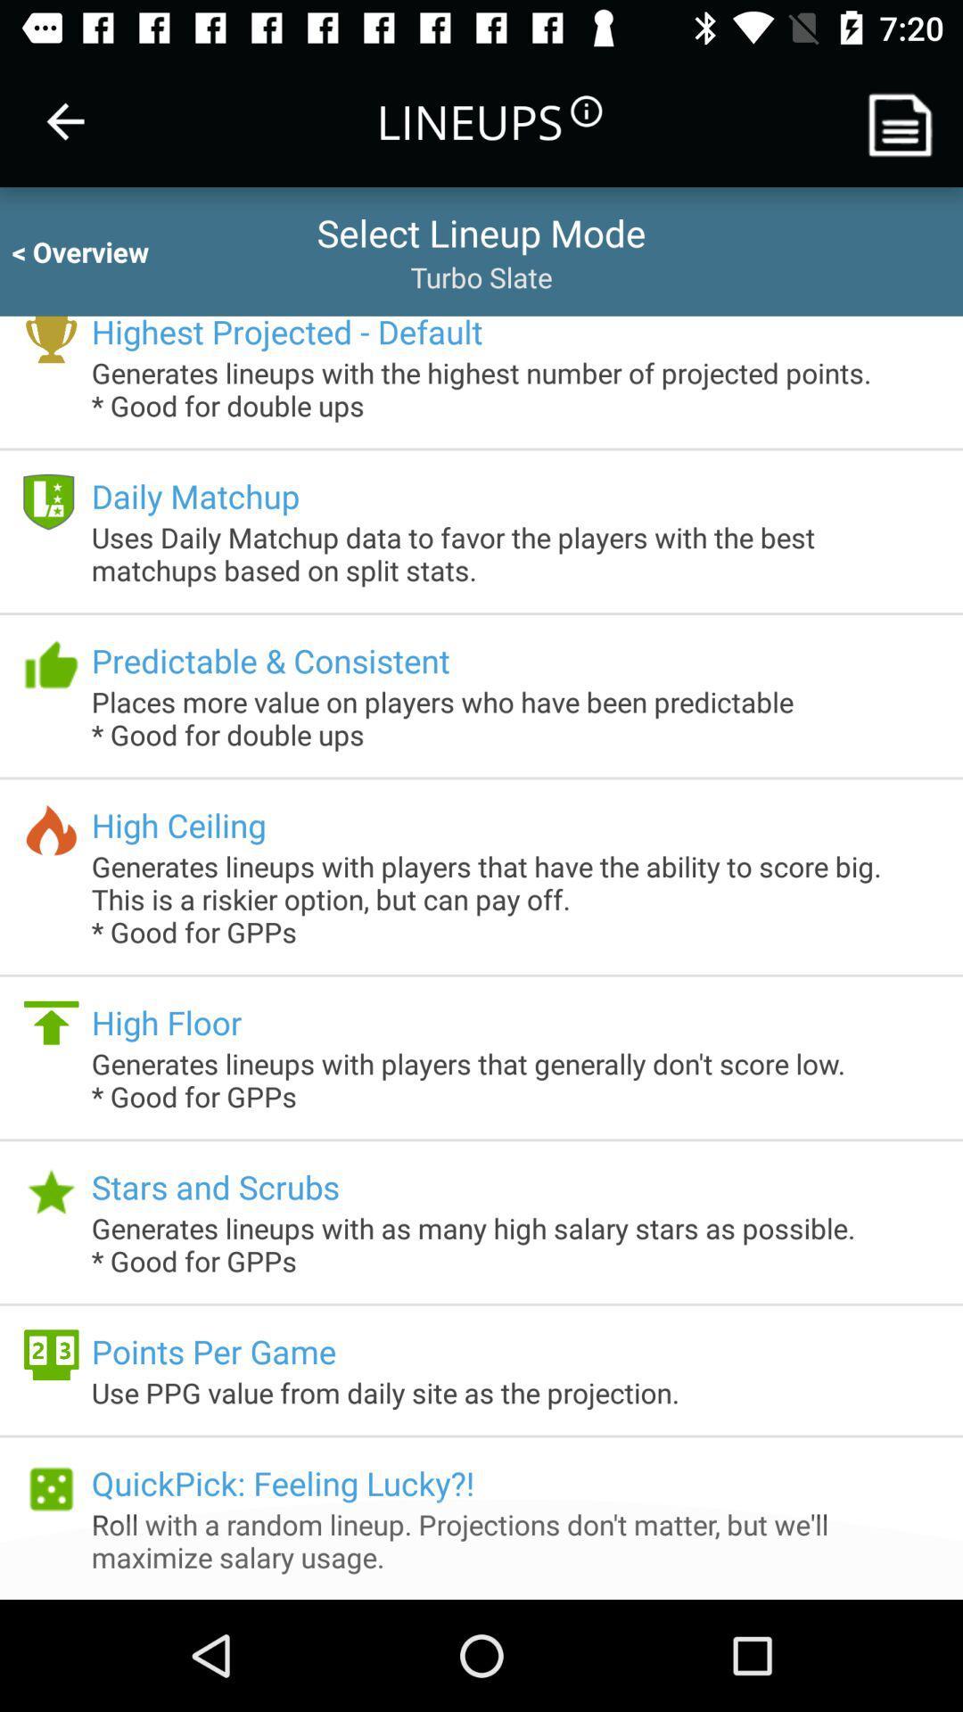 Image resolution: width=963 pixels, height=1712 pixels. Describe the element at coordinates (64, 120) in the screenshot. I see `the icon next to lineups` at that location.